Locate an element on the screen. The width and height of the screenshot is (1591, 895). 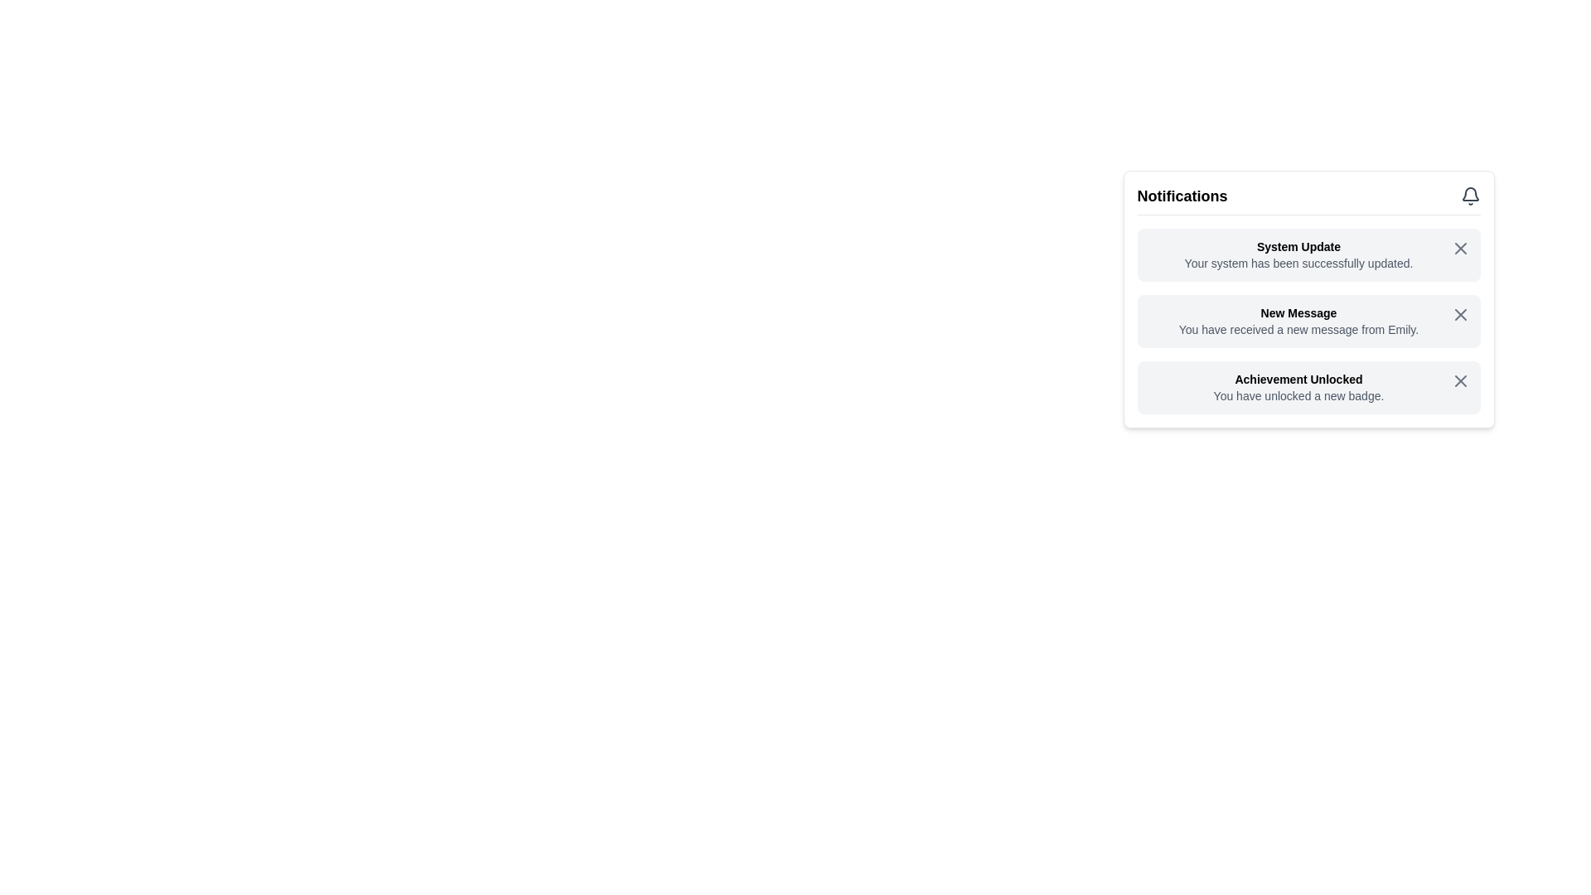
the 'X' close button within the 'New Message' notification is located at coordinates (1460, 315).